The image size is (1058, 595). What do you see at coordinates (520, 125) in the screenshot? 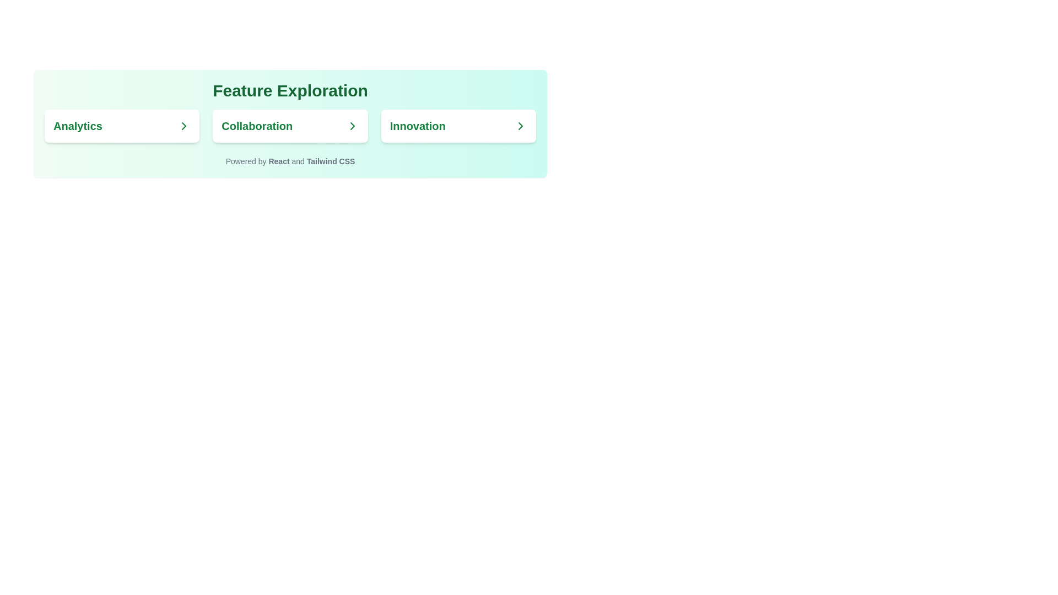
I see `the green triangular chevron icon that is centrally located within the 'Innovation' button` at bounding box center [520, 125].